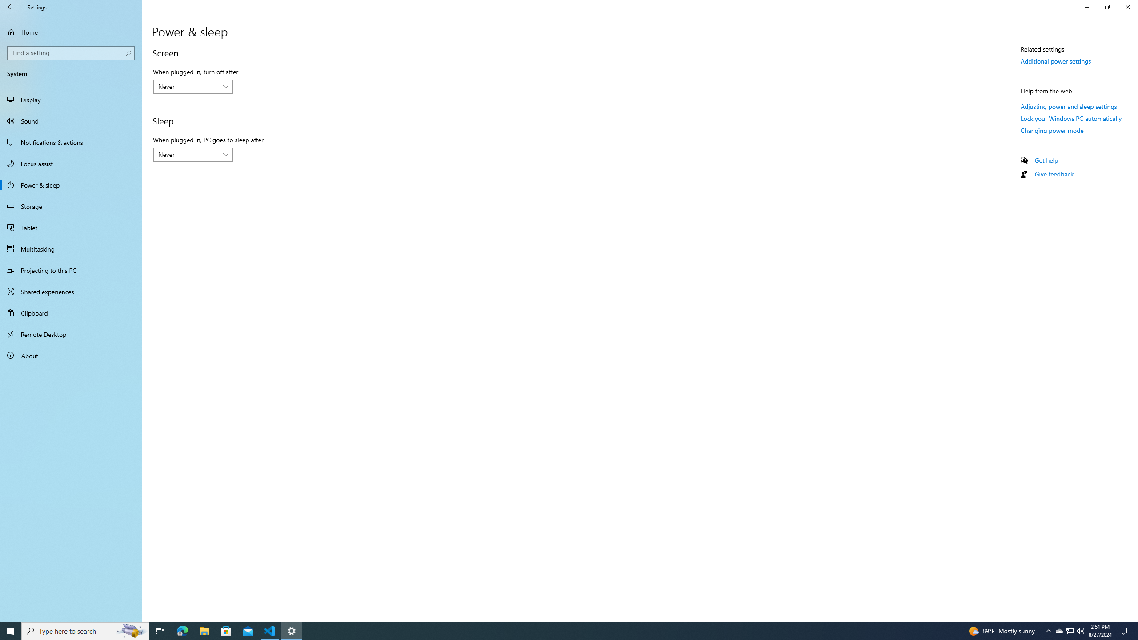 Image resolution: width=1138 pixels, height=640 pixels. What do you see at coordinates (71, 313) in the screenshot?
I see `'Clipboard'` at bounding box center [71, 313].